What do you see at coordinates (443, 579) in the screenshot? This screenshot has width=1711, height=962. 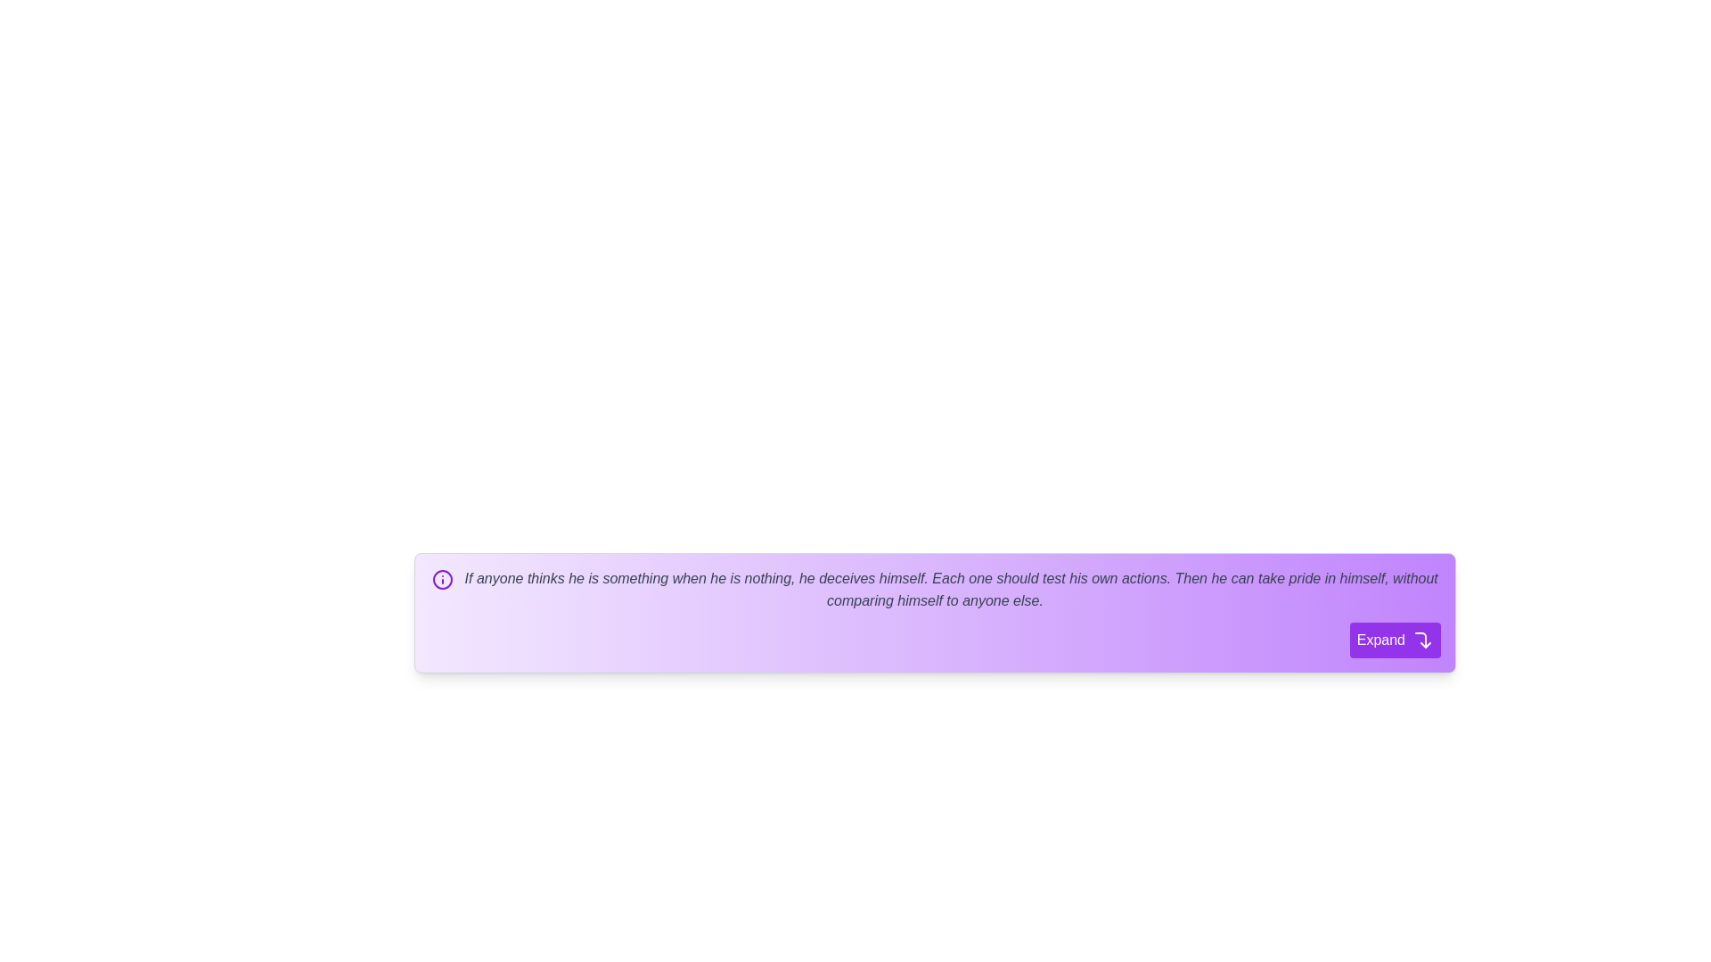 I see `the SVG icon of the information symbol, which is styled in purple and positioned before a block of italic text within a purple-gradient background box` at bounding box center [443, 579].